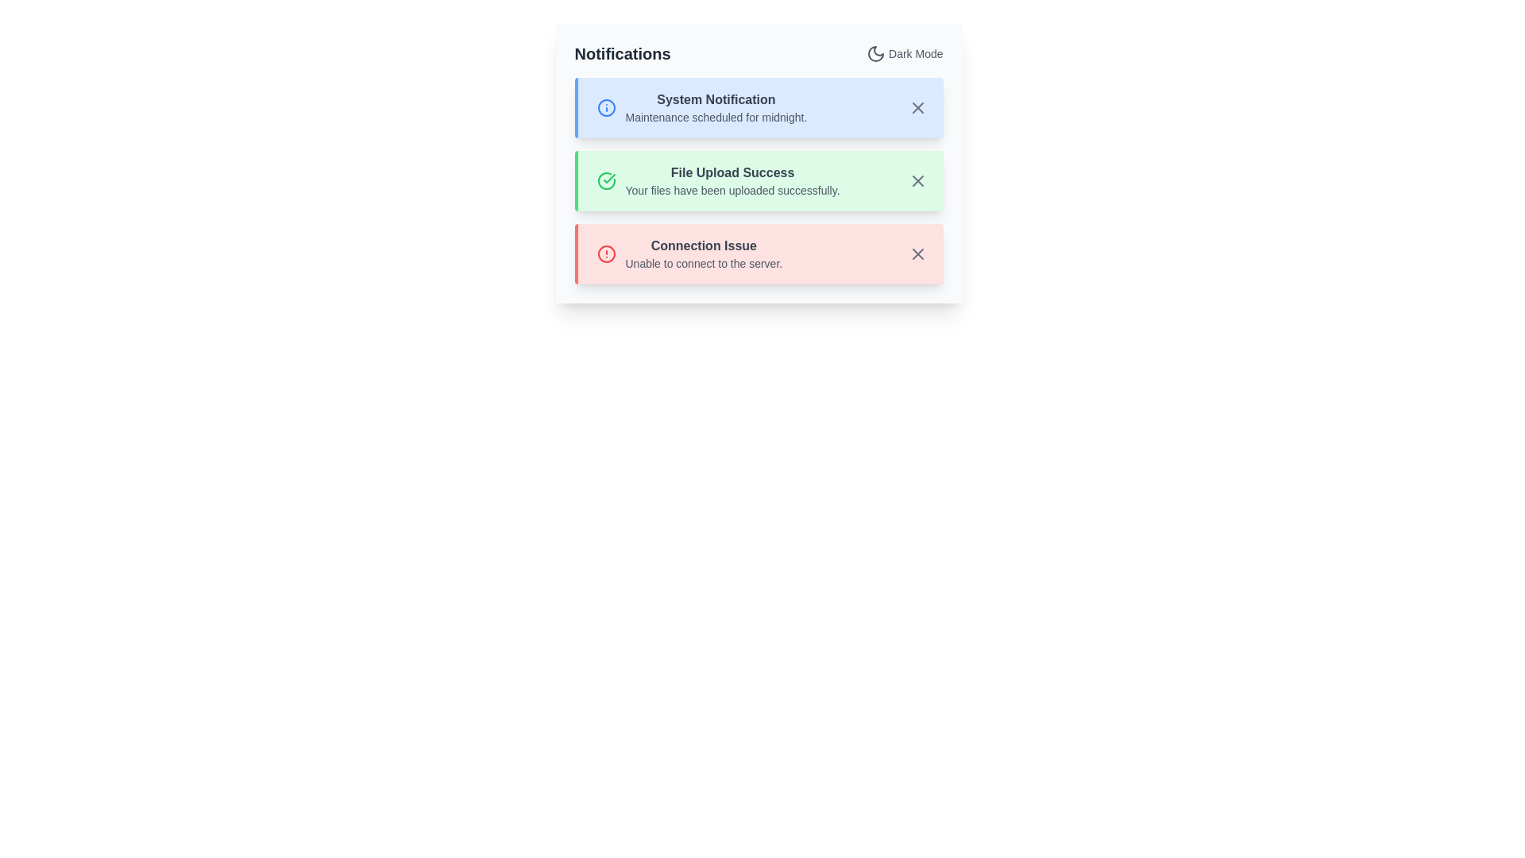 The width and height of the screenshot is (1525, 858). I want to click on notification text which displays 'Connection Issue' and 'Unable to connect to the server.', so click(703, 253).